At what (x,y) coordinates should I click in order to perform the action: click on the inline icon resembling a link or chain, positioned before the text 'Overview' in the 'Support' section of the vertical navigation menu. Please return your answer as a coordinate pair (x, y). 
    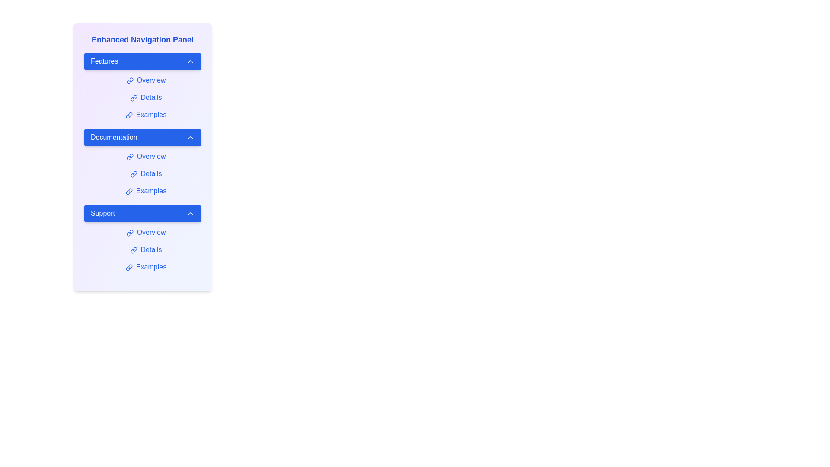
    Looking at the image, I should click on (129, 232).